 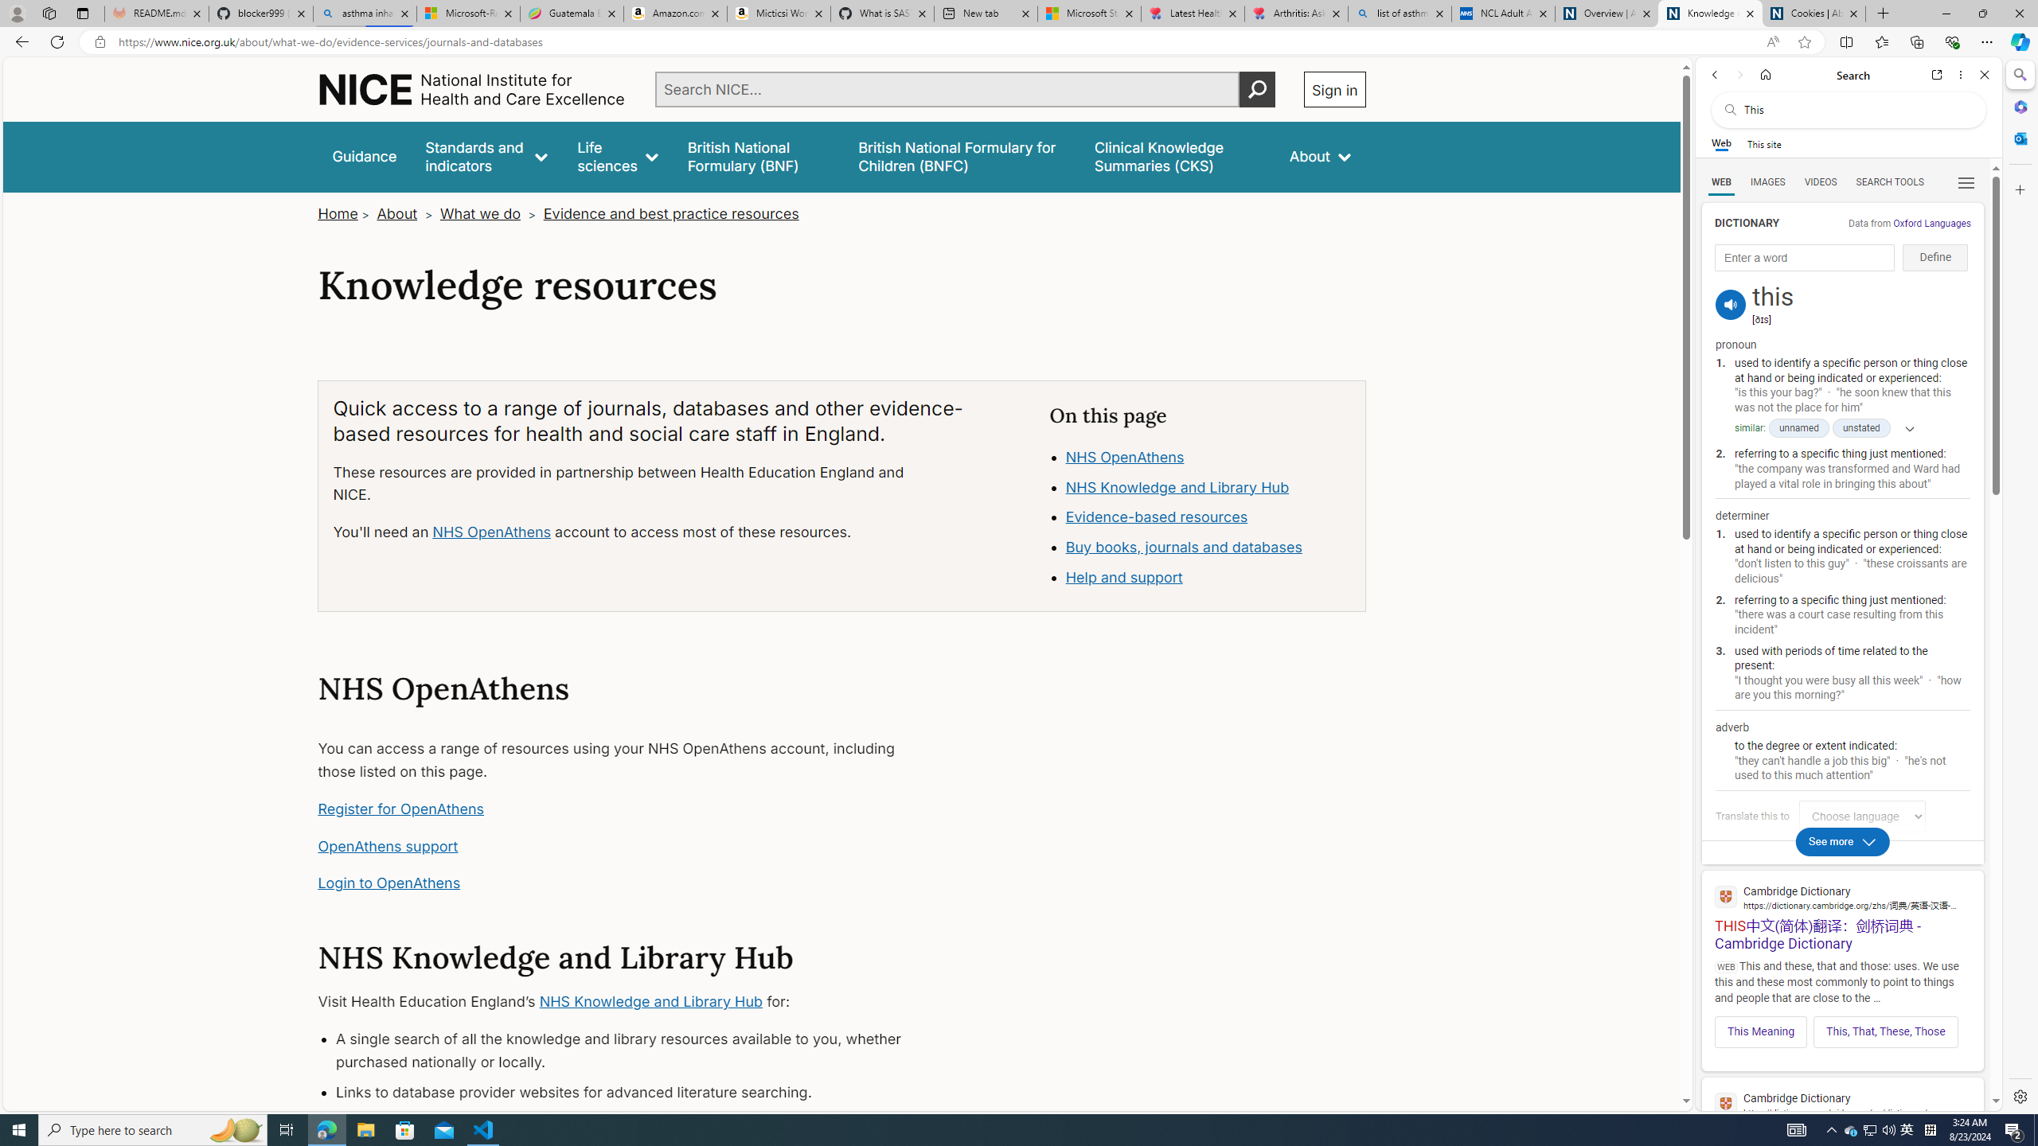 What do you see at coordinates (1125, 455) in the screenshot?
I see `'NHS OpenAthens'` at bounding box center [1125, 455].